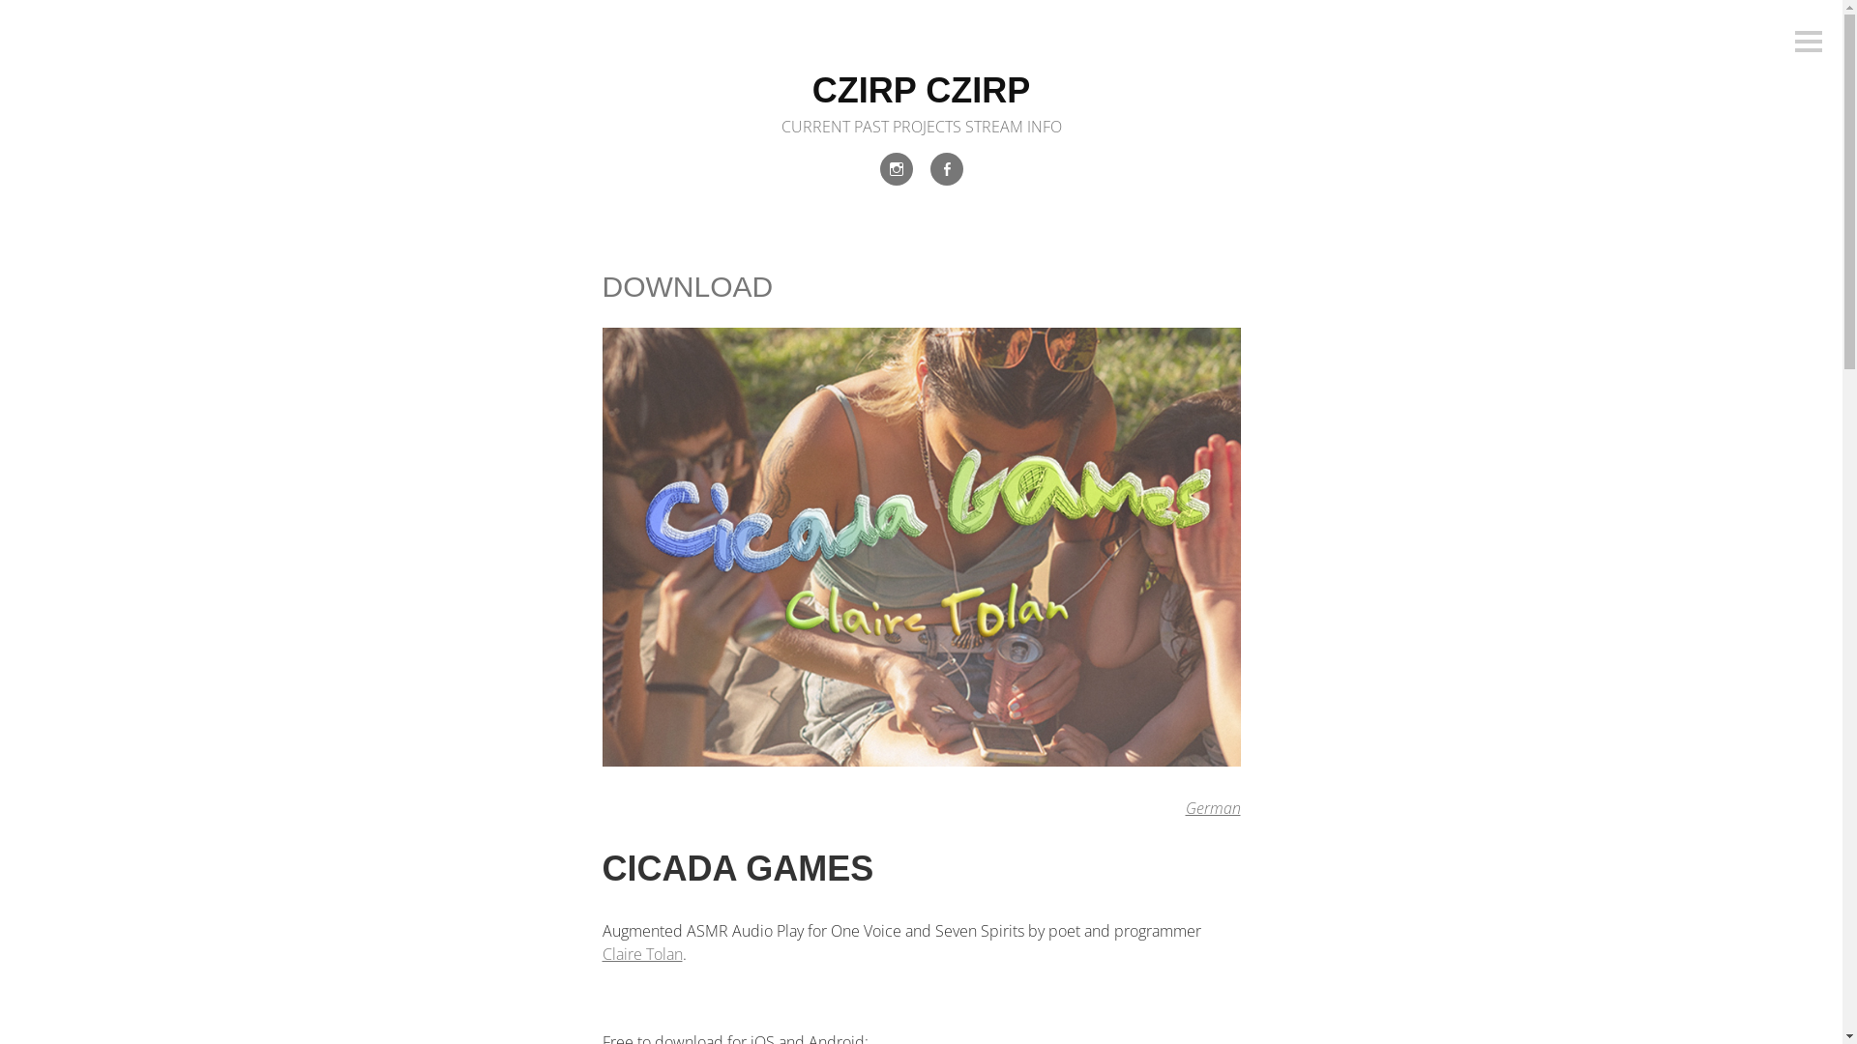 The image size is (1857, 1044). Describe the element at coordinates (1044, 127) in the screenshot. I see `'INFO'` at that location.